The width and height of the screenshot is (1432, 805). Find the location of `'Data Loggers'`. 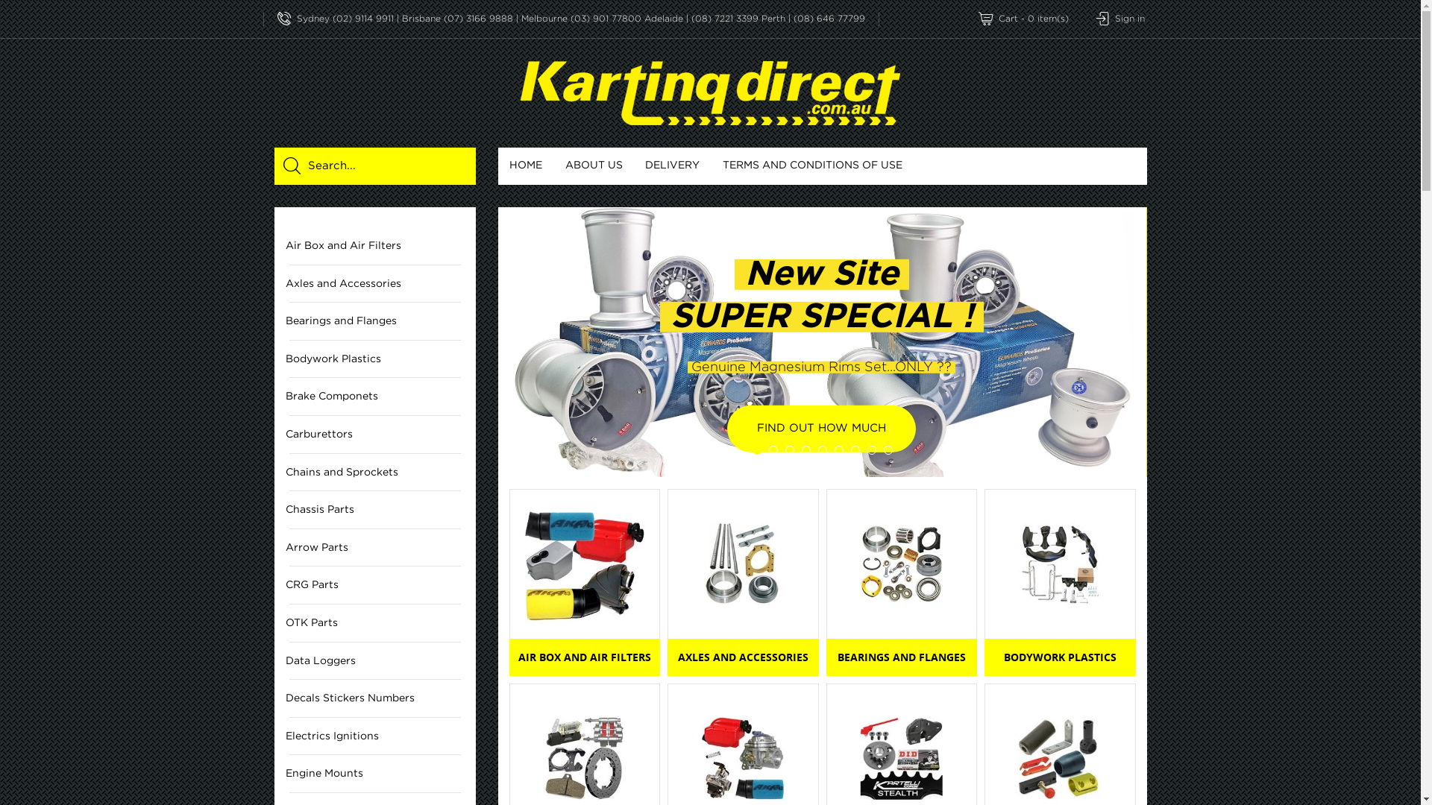

'Data Loggers' is located at coordinates (375, 660).